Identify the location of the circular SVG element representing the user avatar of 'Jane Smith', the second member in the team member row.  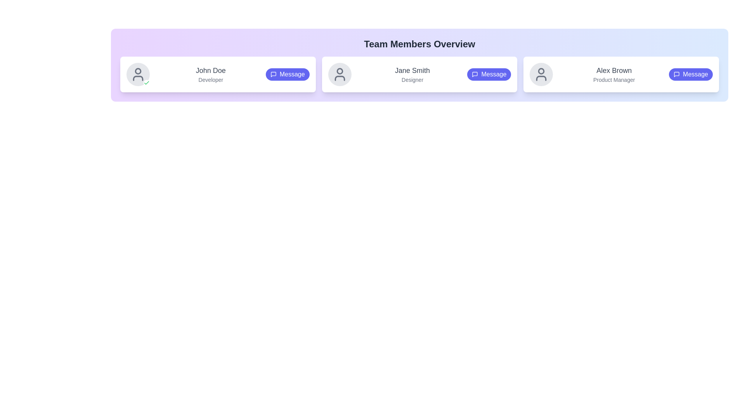
(340, 71).